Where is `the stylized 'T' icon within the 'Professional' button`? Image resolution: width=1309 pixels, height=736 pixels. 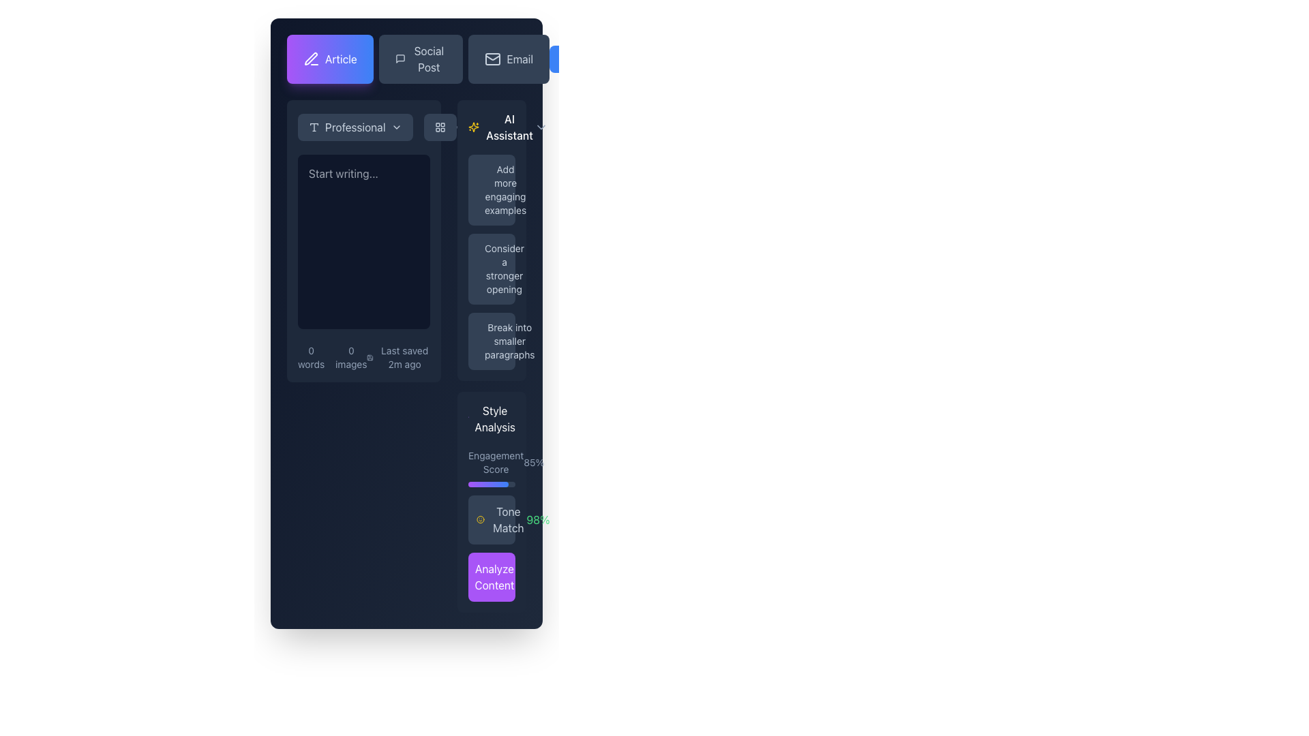
the stylized 'T' icon within the 'Professional' button is located at coordinates (313, 127).